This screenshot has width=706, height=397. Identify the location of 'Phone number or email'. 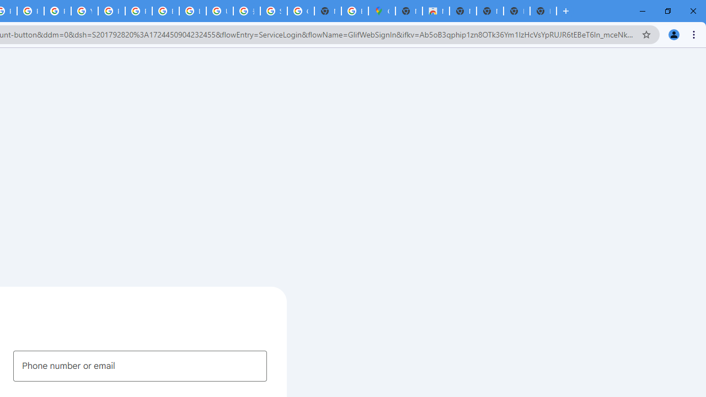
(140, 366).